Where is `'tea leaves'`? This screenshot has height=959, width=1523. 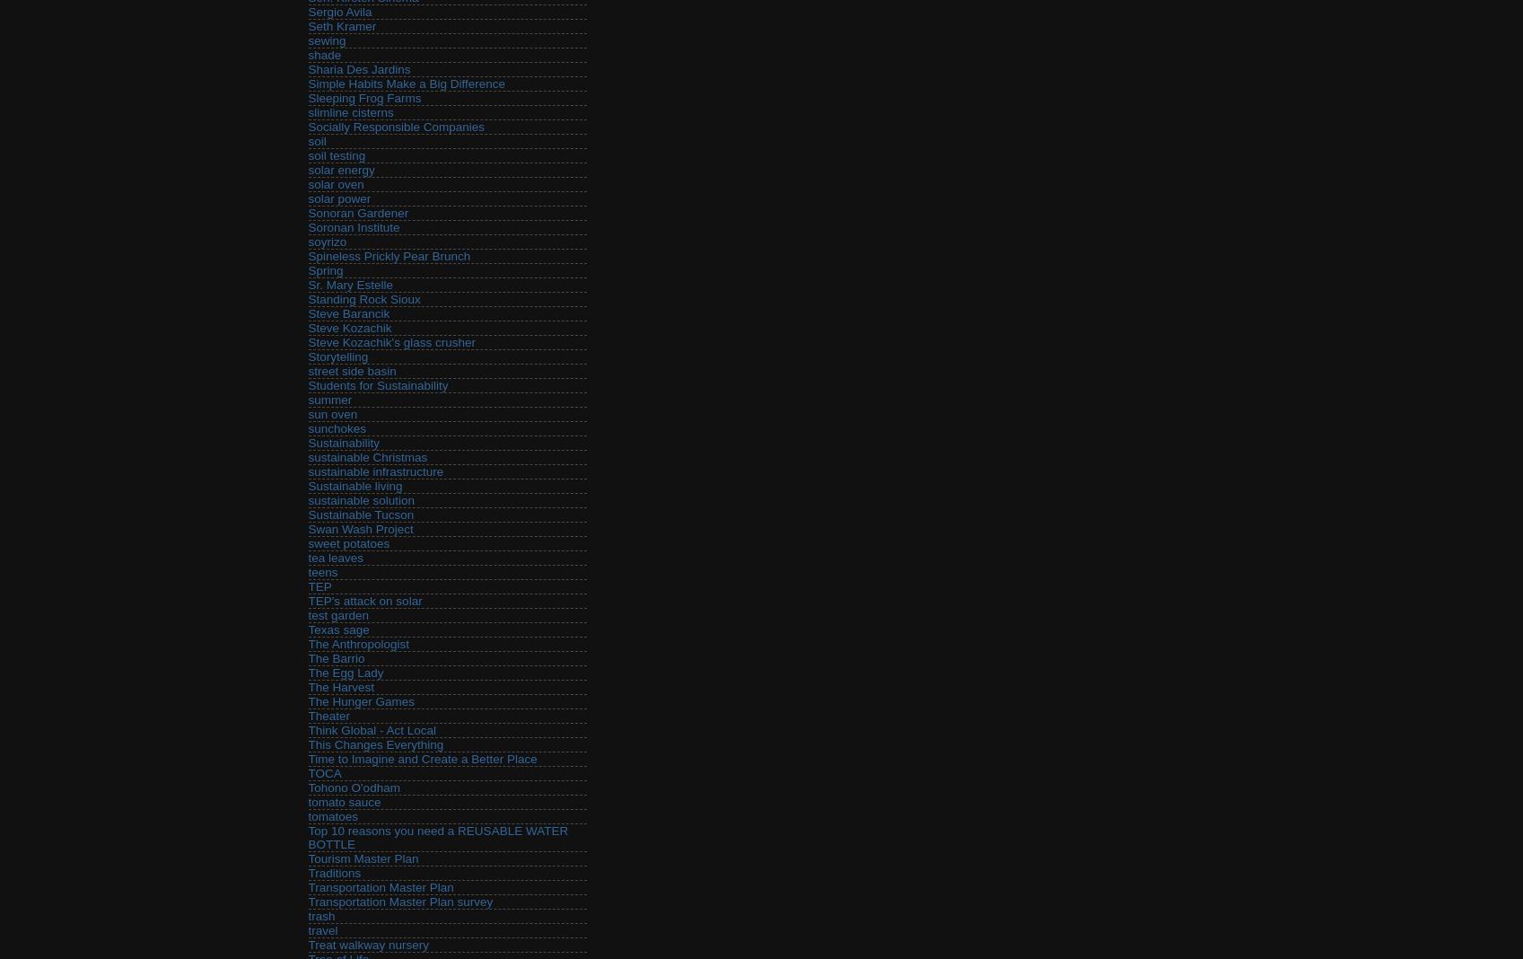 'tea leaves' is located at coordinates (336, 557).